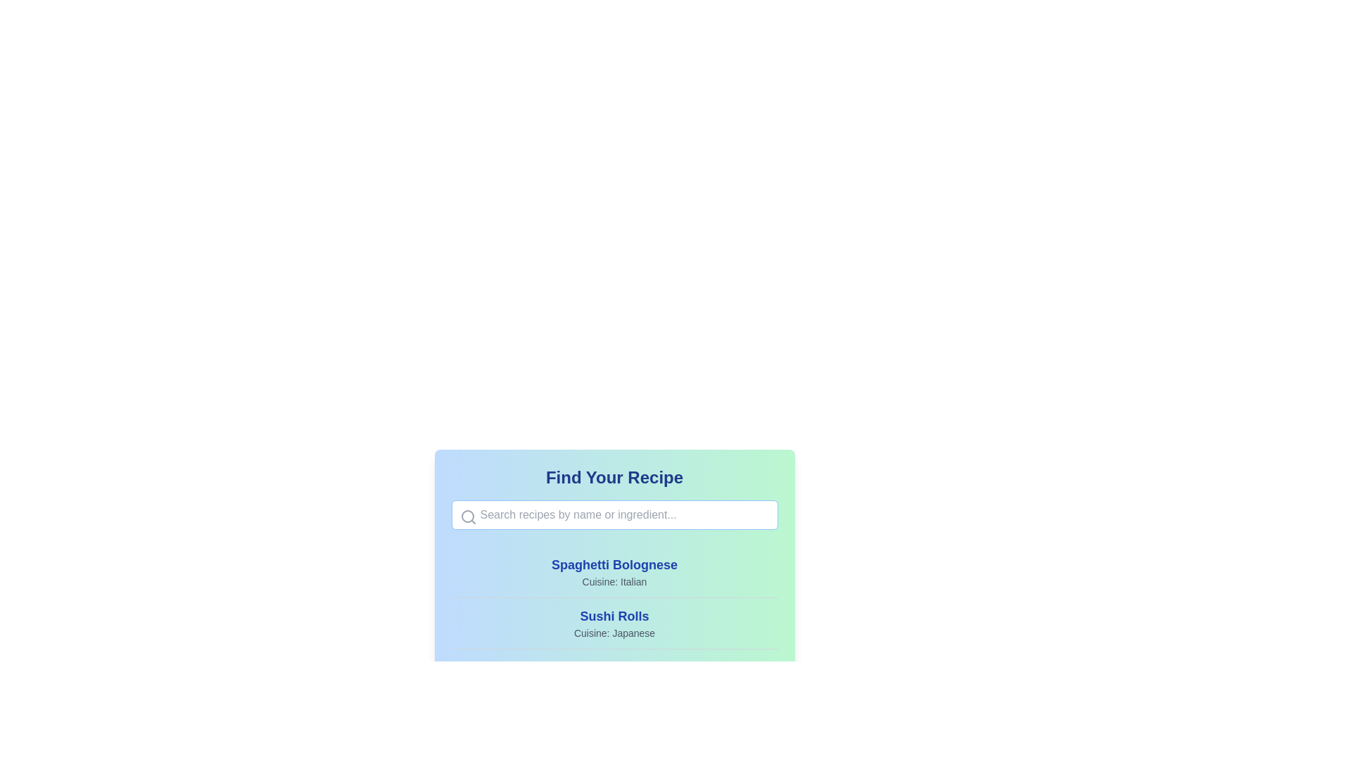  Describe the element at coordinates (614, 622) in the screenshot. I see `the 'Sushi Rolls' recipe entry in the list` at that location.